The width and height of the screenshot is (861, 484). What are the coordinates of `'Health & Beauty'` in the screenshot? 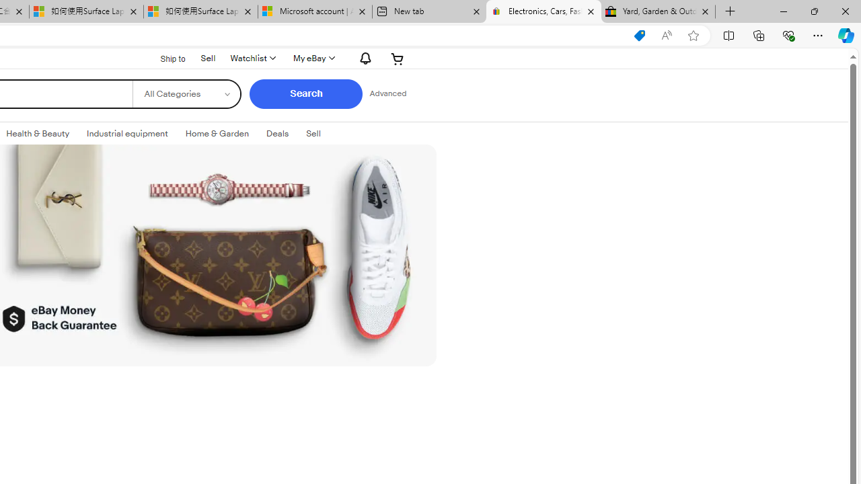 It's located at (38, 134).